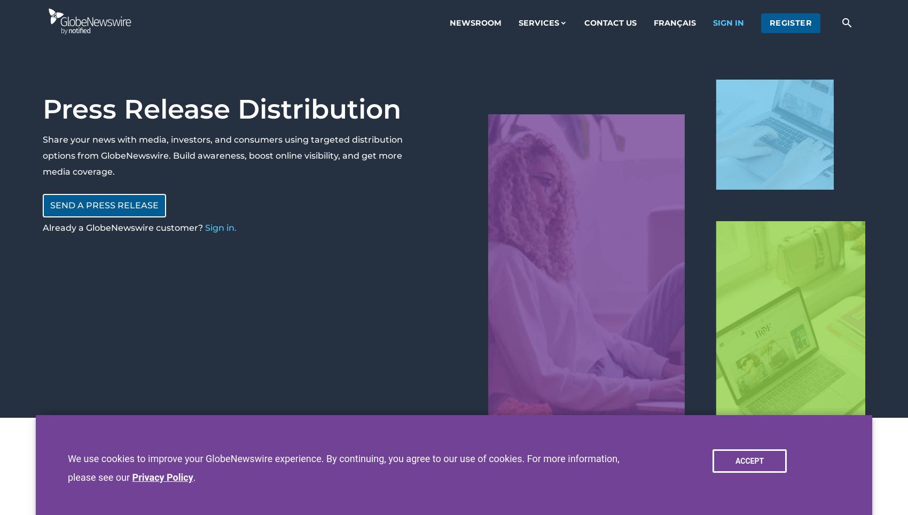 This screenshot has width=908, height=515. Describe the element at coordinates (221, 109) in the screenshot. I see `'Press Release Distribution'` at that location.